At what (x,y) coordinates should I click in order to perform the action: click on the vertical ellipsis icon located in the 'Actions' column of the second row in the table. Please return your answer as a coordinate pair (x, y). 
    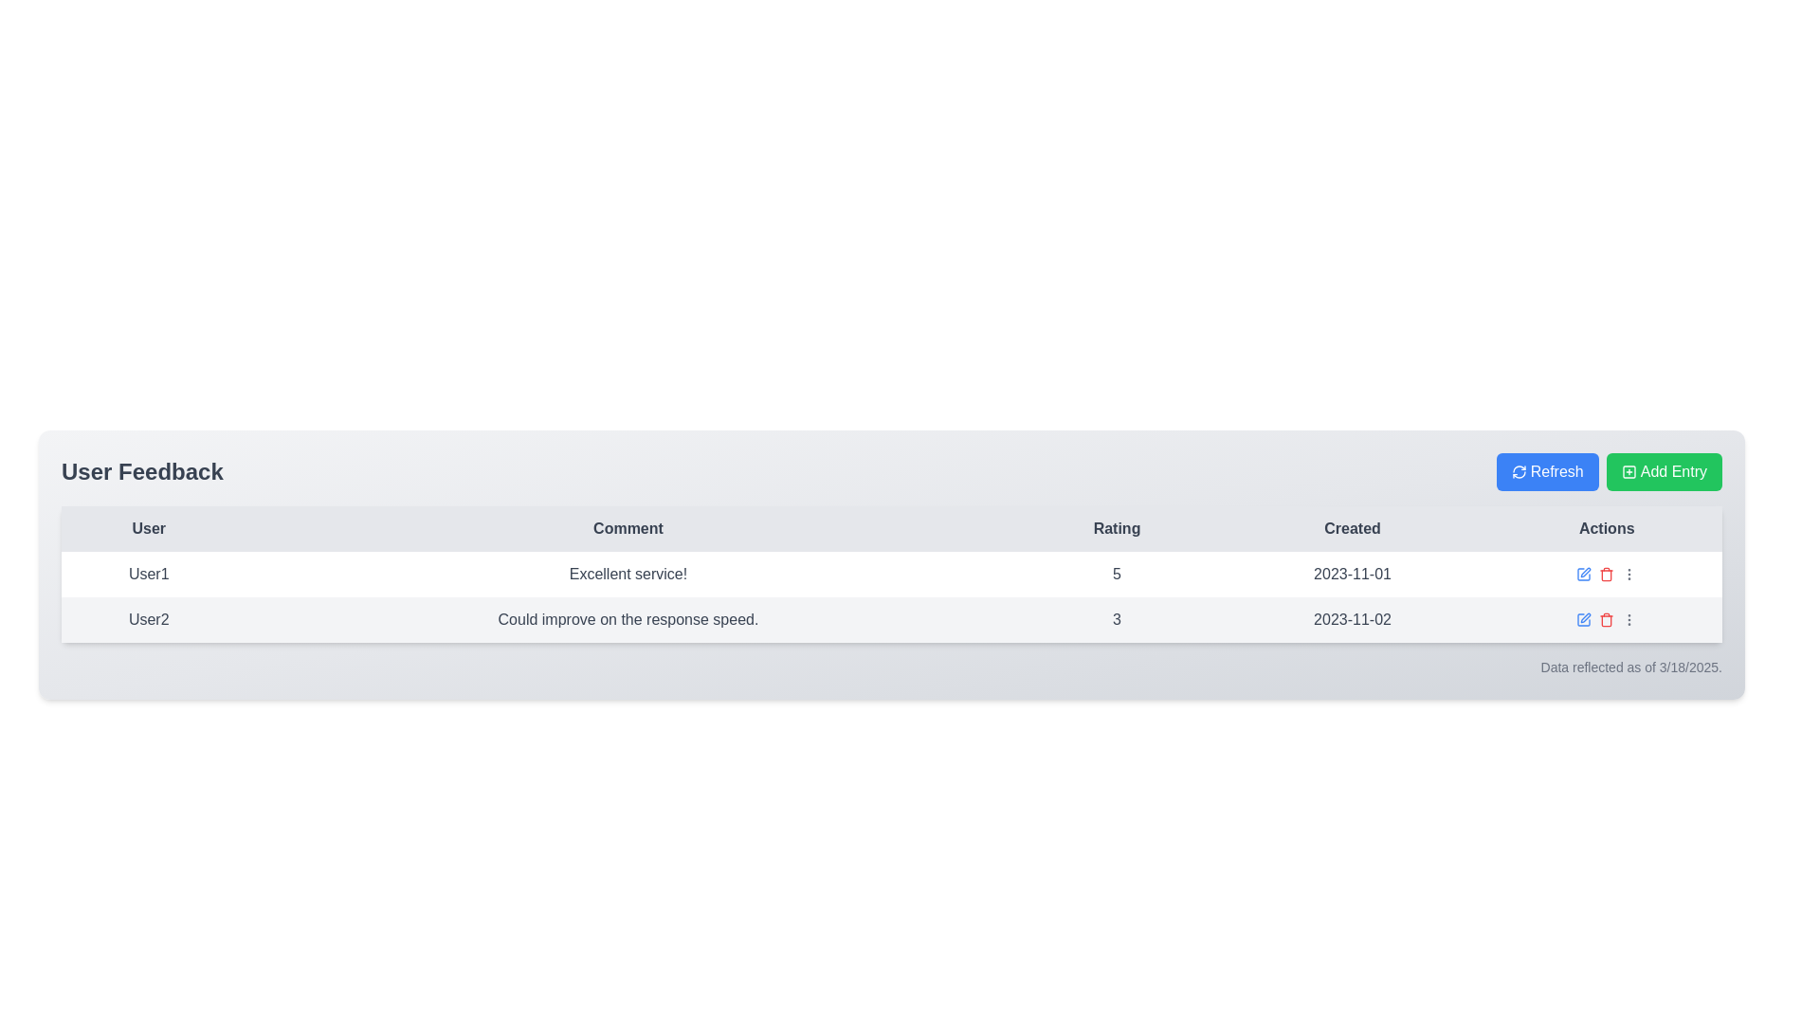
    Looking at the image, I should click on (1628, 620).